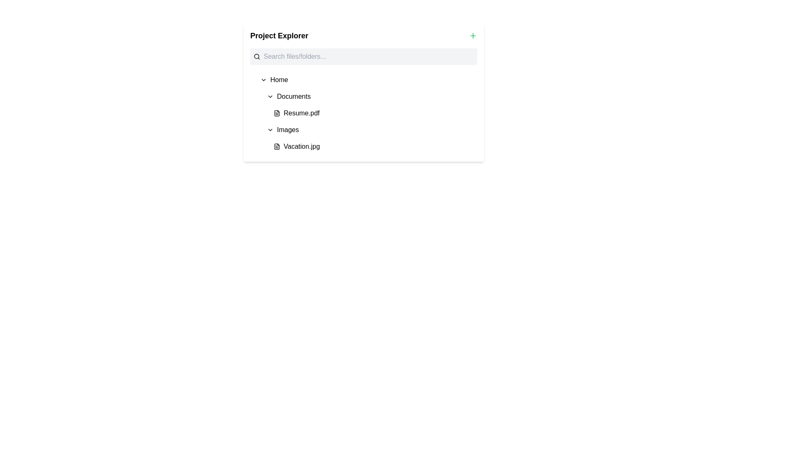 The width and height of the screenshot is (801, 450). Describe the element at coordinates (288, 130) in the screenshot. I see `the text label 'Images' in the 'Project Explorer' section` at that location.